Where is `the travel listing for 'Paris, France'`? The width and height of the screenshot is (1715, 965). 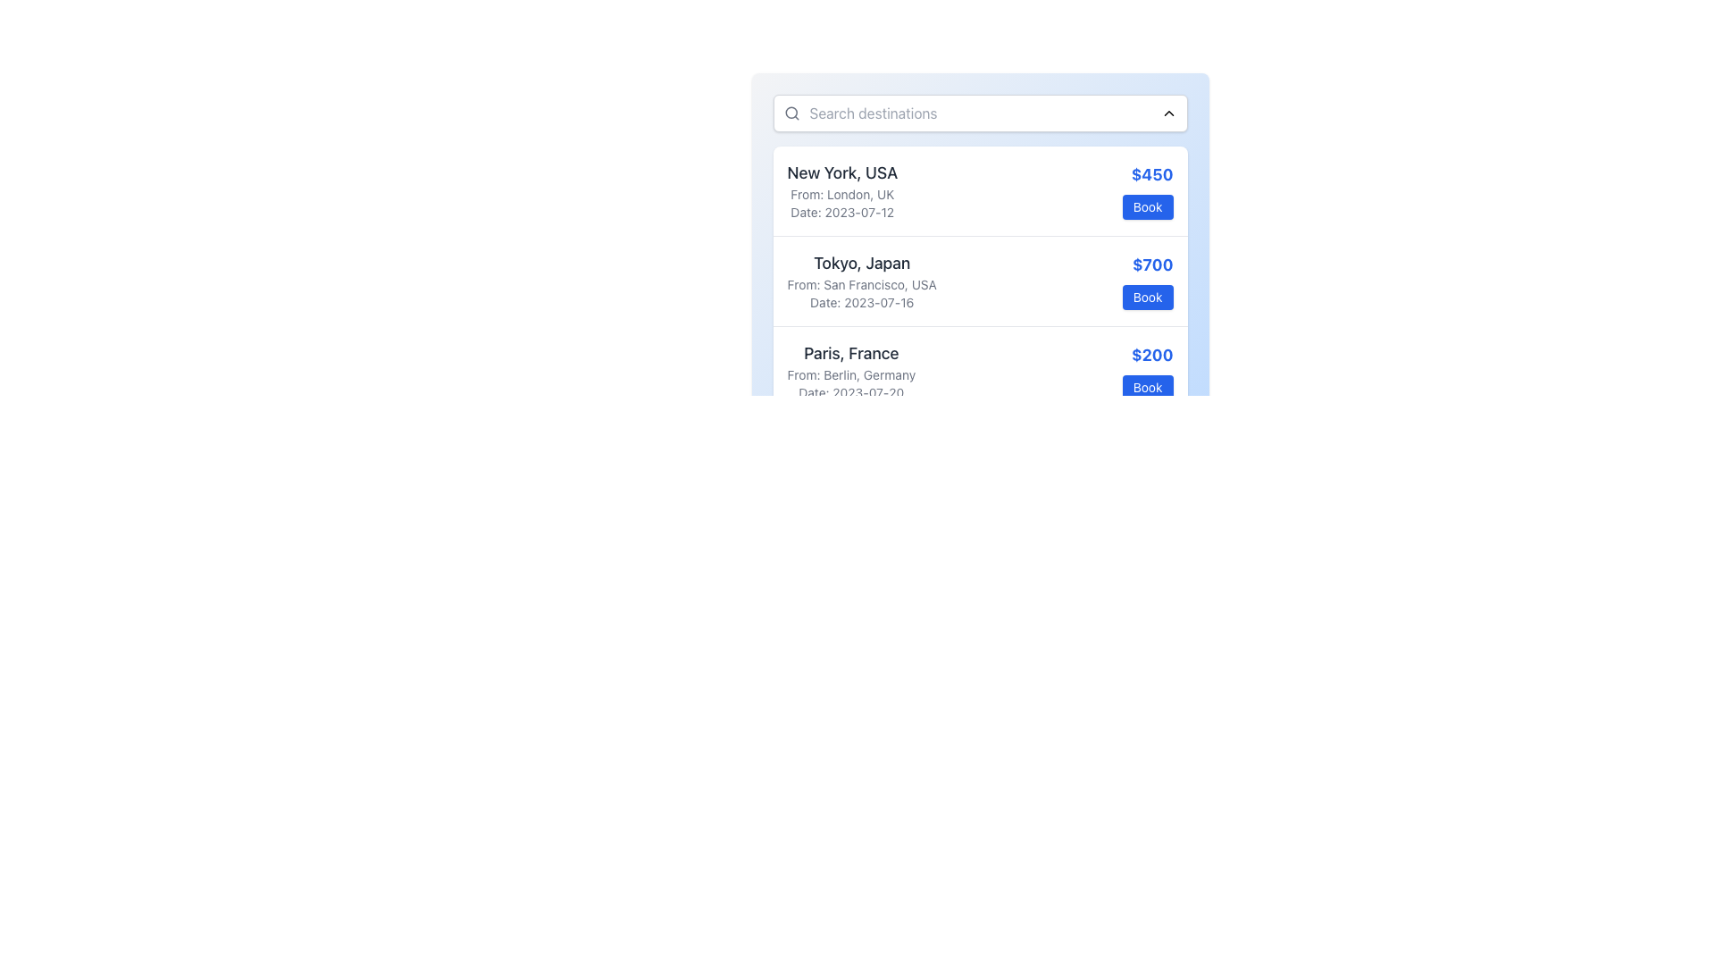 the travel listing for 'Paris, France' is located at coordinates (979, 370).